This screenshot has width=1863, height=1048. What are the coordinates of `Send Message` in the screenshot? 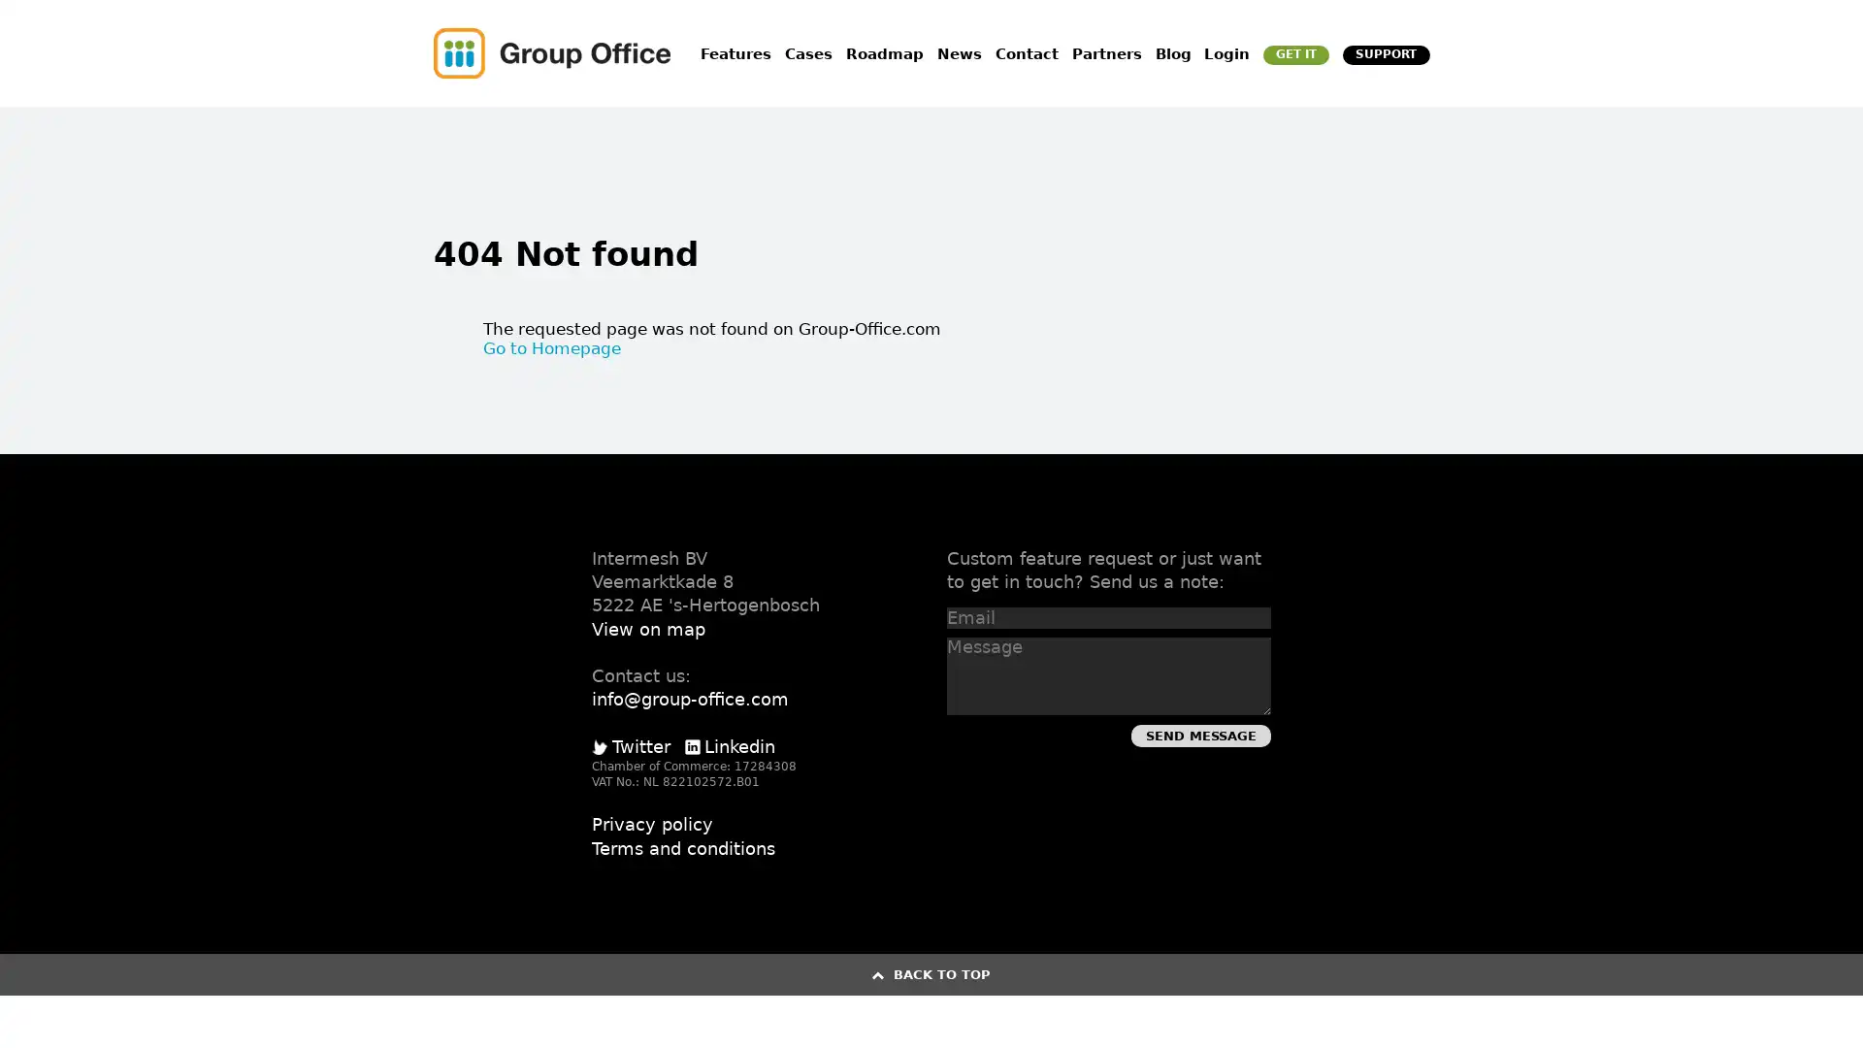 It's located at (1199, 736).